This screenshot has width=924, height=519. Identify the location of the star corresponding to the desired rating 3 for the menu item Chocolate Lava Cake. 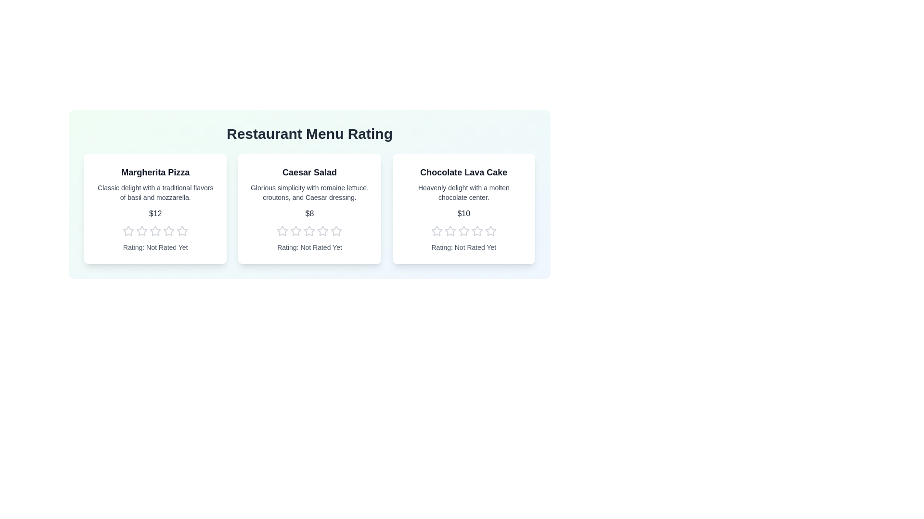
(463, 231).